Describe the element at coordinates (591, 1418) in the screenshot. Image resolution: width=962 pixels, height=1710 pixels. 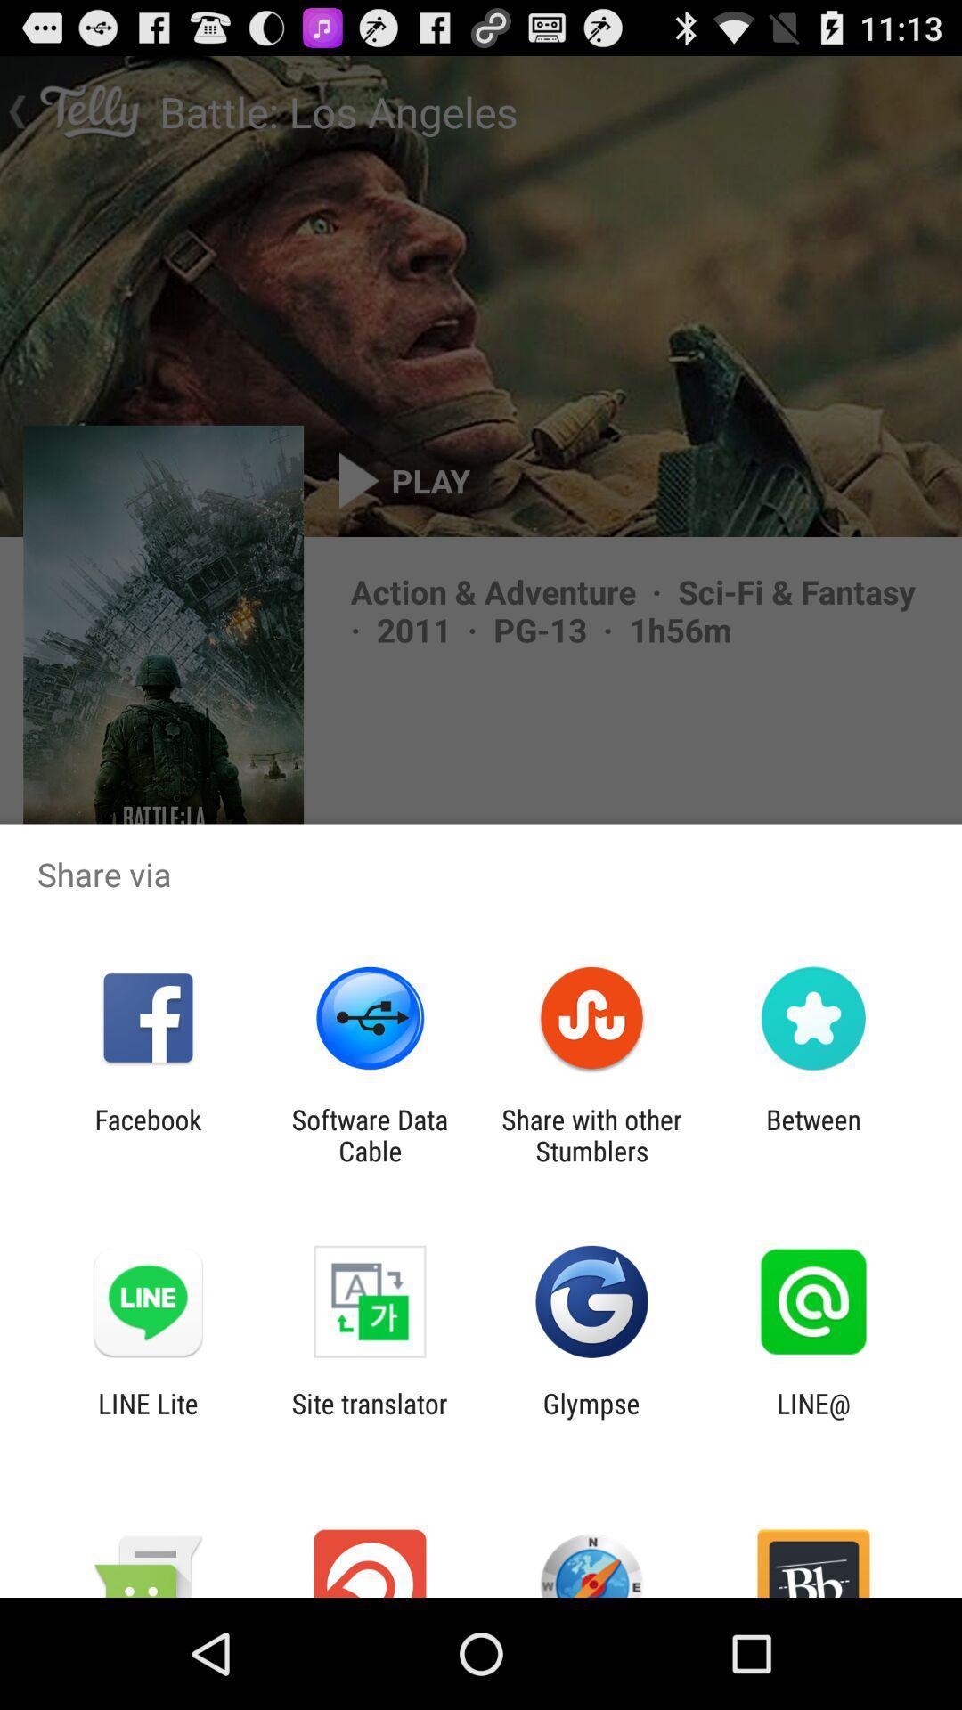
I see `item to the right of the site translator` at that location.